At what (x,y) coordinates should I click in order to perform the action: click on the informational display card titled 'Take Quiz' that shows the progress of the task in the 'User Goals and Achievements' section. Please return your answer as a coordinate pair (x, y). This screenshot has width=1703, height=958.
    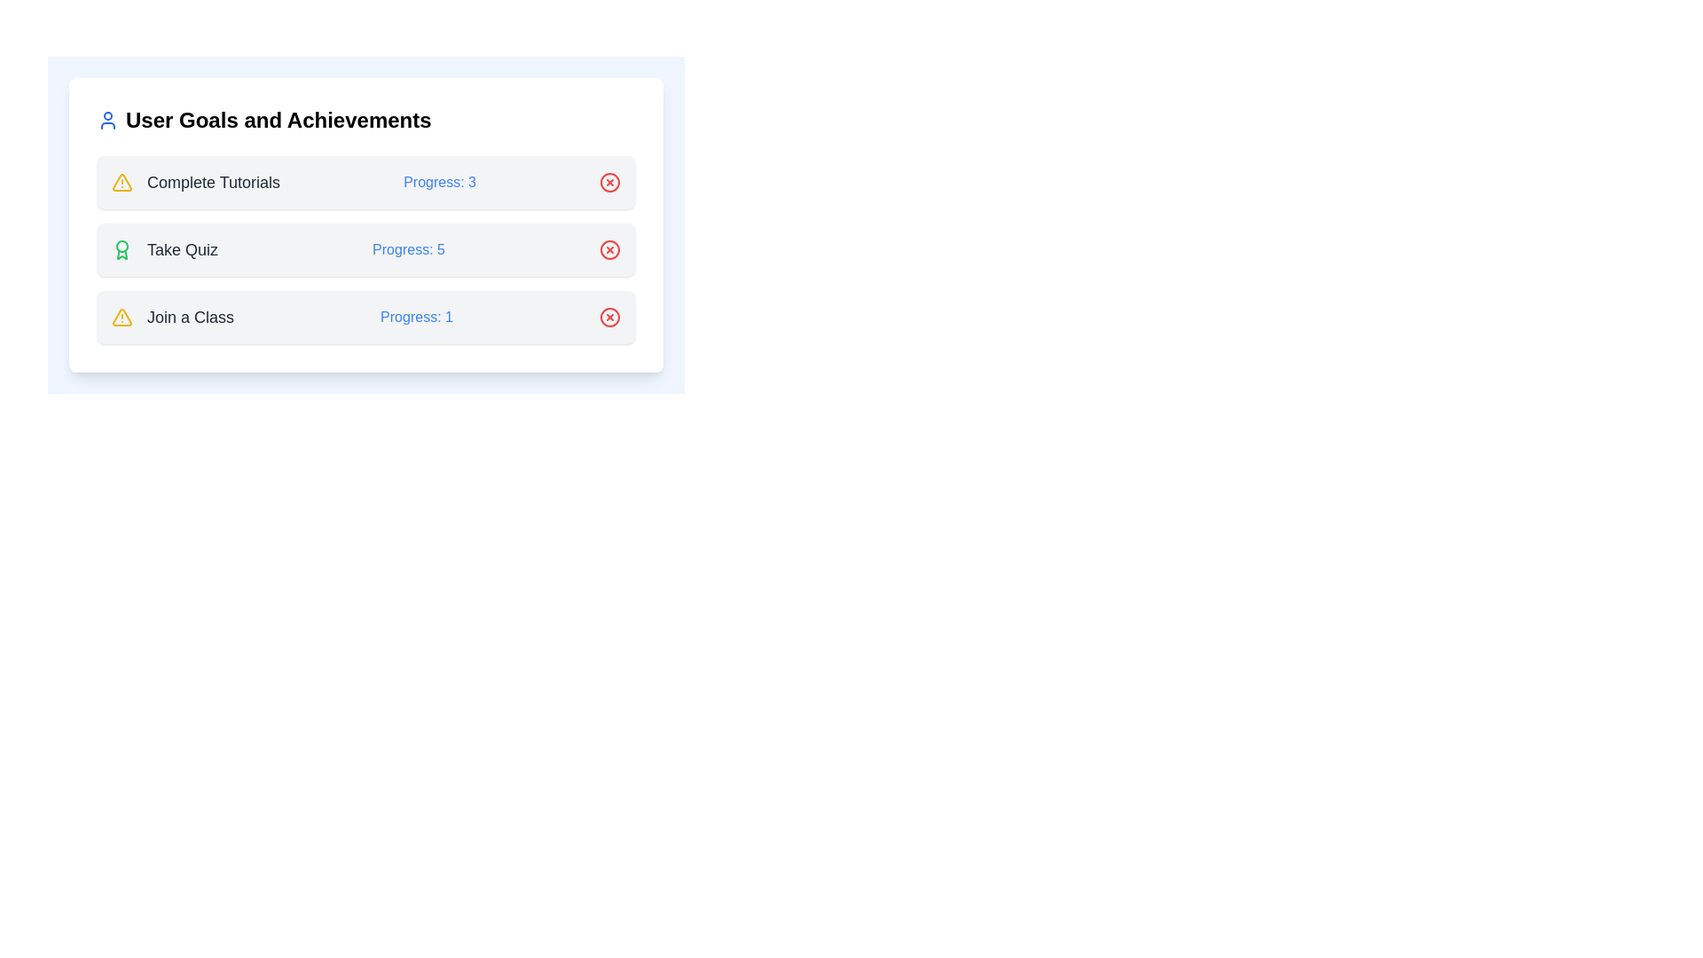
    Looking at the image, I should click on (365, 224).